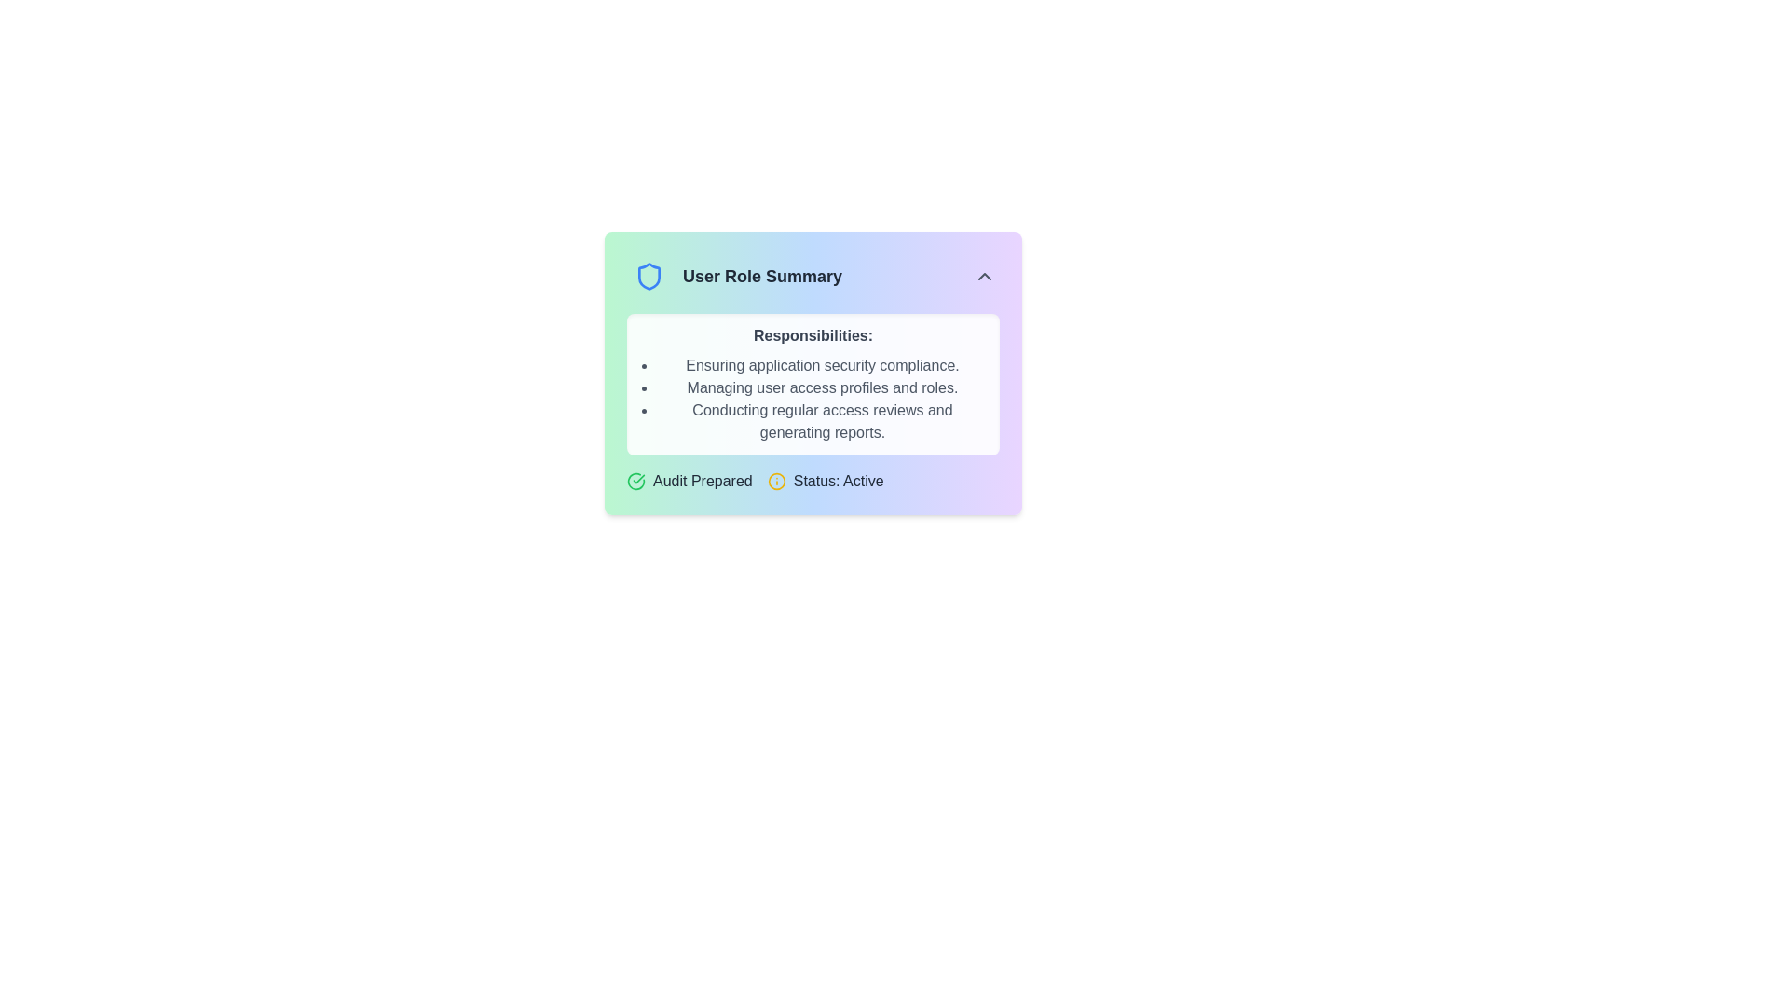 The width and height of the screenshot is (1789, 1006). I want to click on the yellow circular element that is the innermost part of the information icon in the upper-left corner of the 'User Role Summary' card header, so click(776, 480).